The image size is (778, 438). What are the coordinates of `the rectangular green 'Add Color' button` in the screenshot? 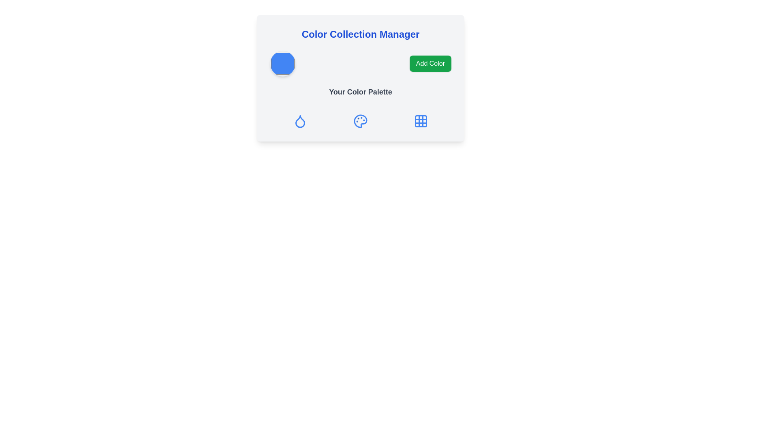 It's located at (430, 63).